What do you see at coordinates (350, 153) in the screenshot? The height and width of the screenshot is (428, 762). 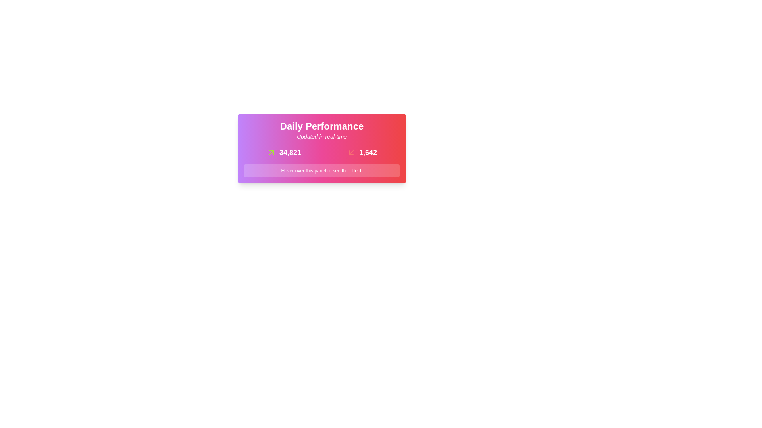 I see `the small red downward-left arrow icon located to the left of the text '1,642' for its contextual meaning` at bounding box center [350, 153].